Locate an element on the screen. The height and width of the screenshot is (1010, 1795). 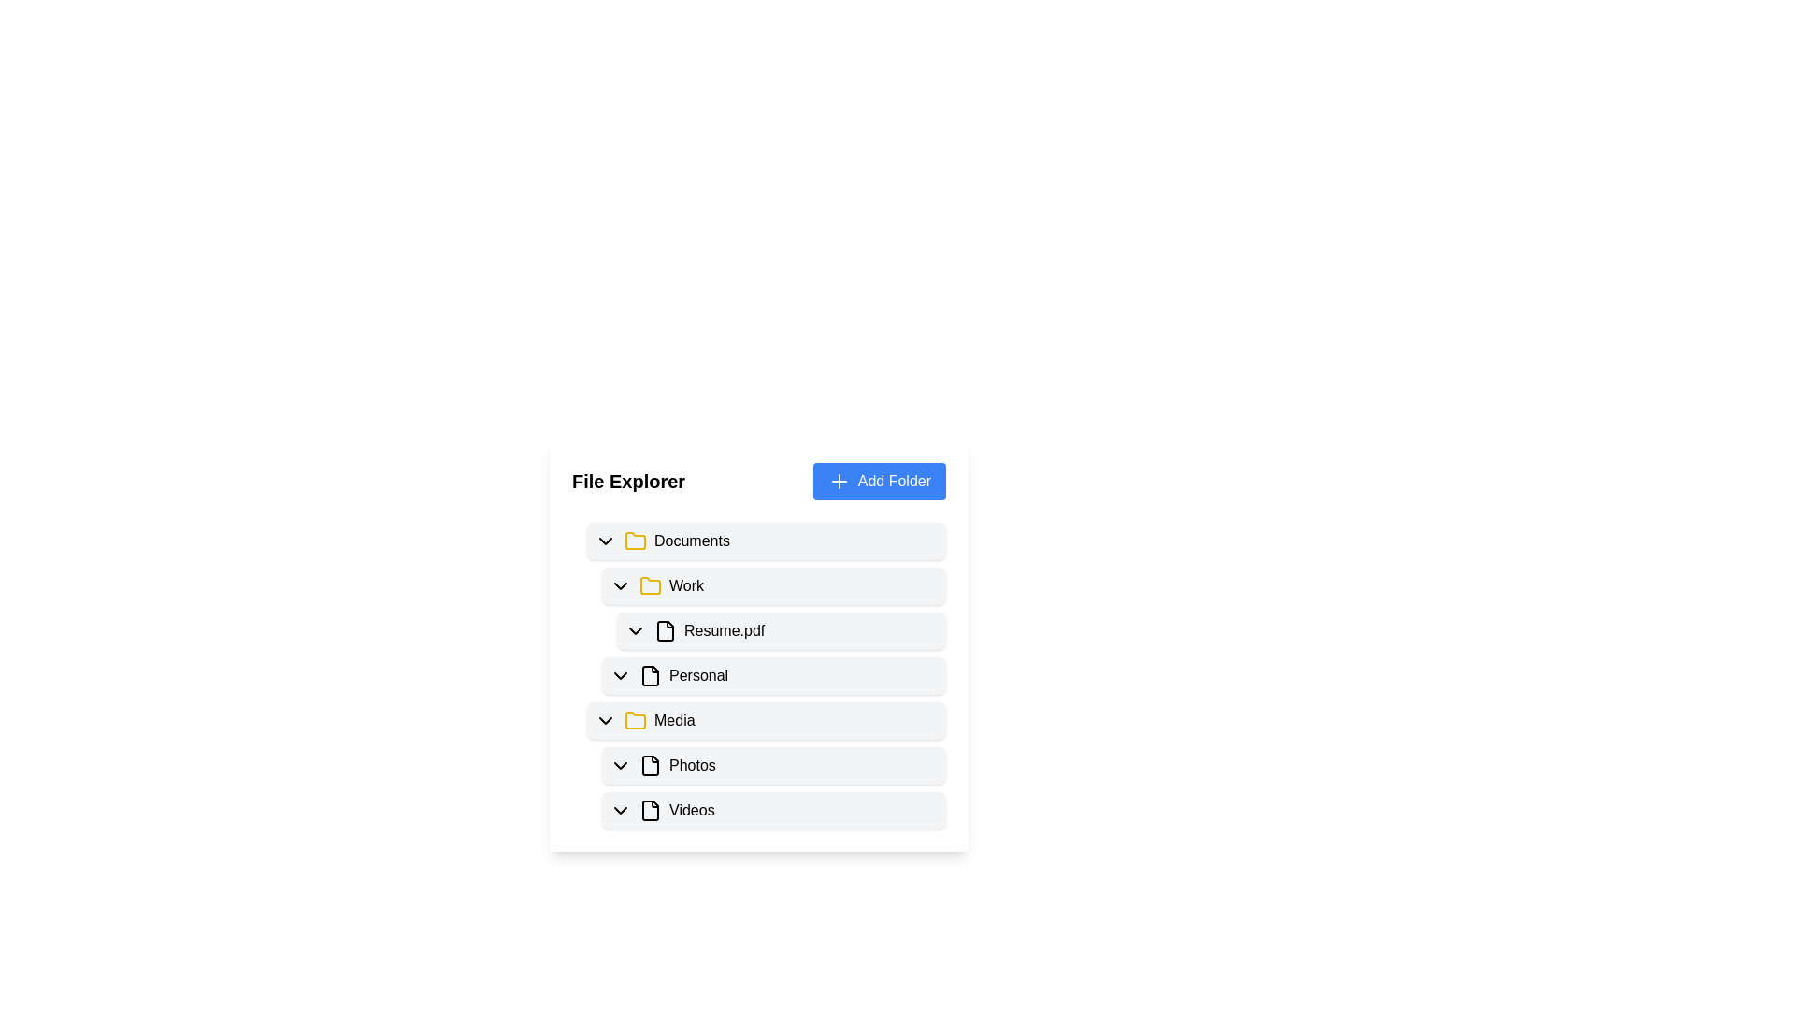
the navigational button located beneath 'Personal' is located at coordinates (767, 720).